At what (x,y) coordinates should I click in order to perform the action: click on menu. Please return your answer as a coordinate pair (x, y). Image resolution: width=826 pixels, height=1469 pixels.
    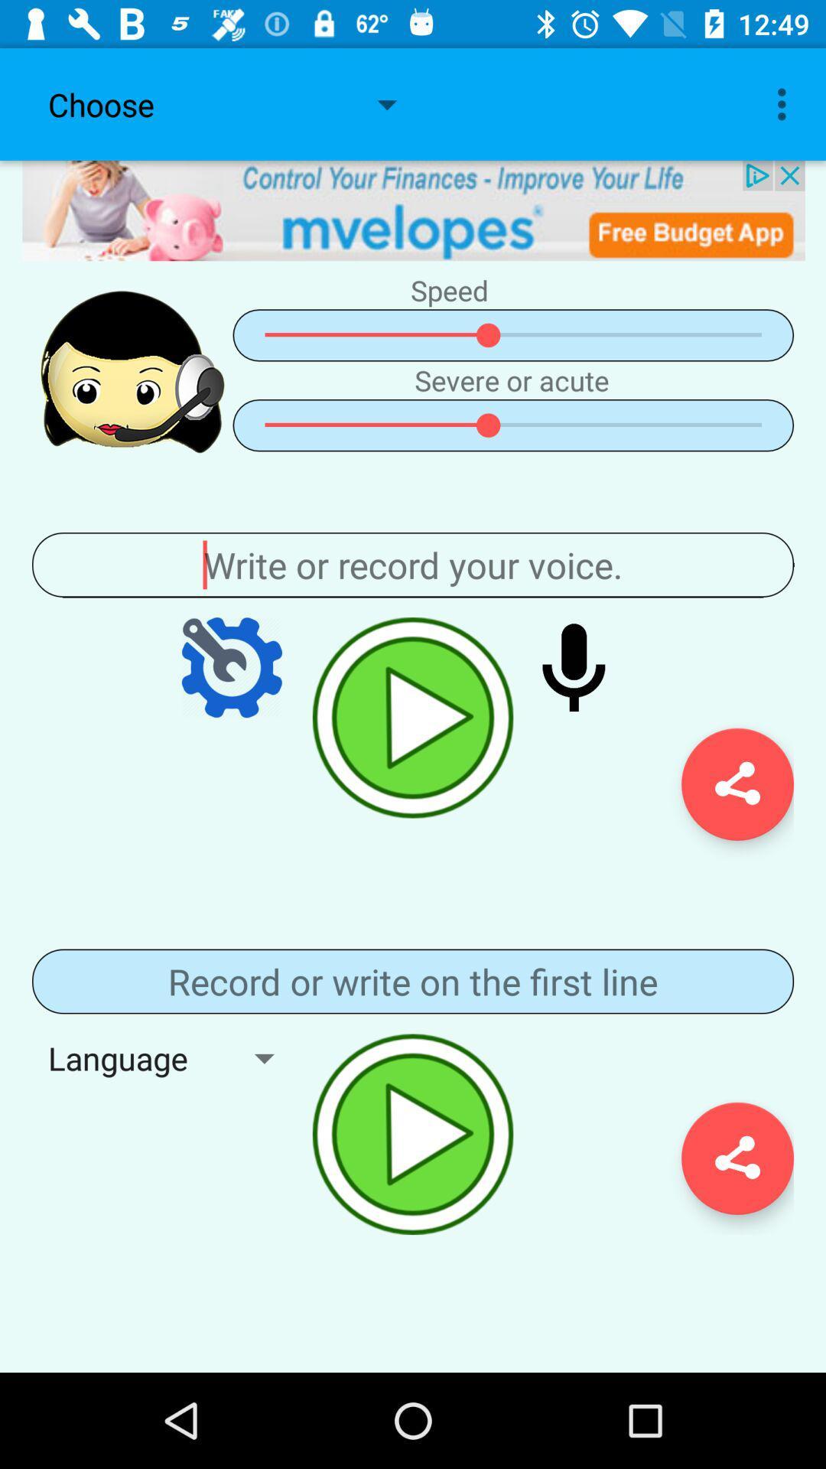
    Looking at the image, I should click on (413, 981).